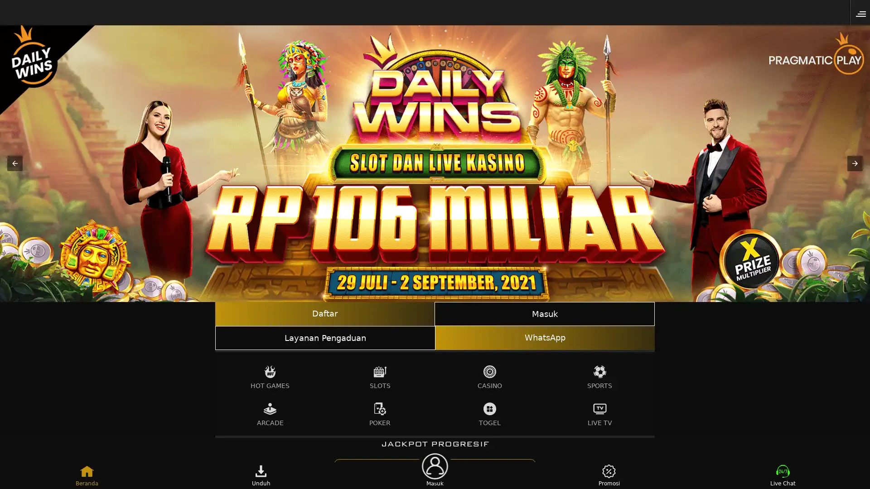 The width and height of the screenshot is (870, 489). I want to click on Next item in carousel (3 of 3), so click(854, 162).